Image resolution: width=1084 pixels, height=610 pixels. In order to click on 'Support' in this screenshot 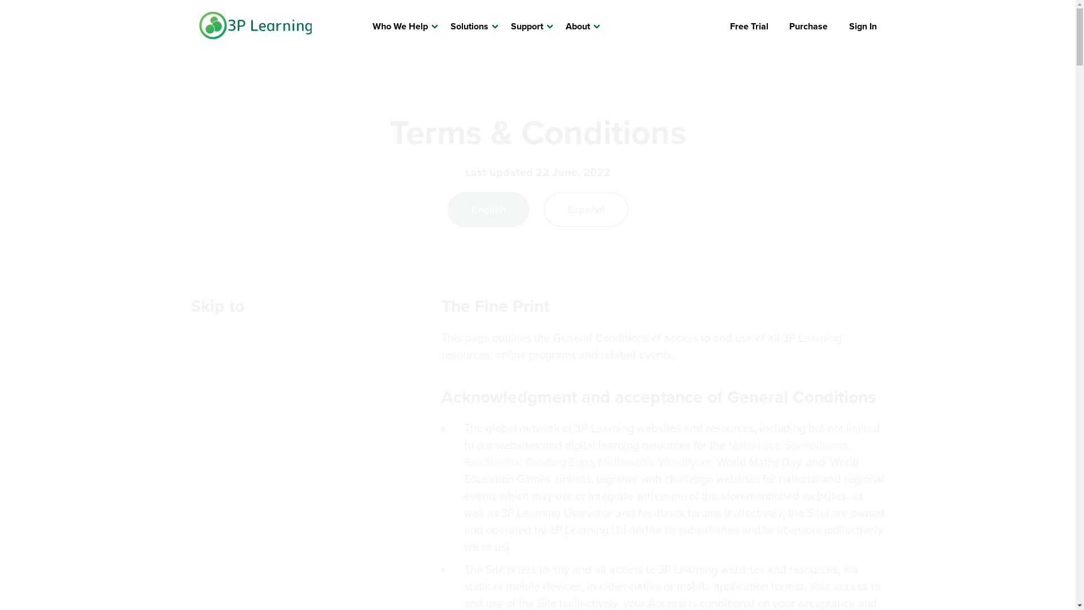, I will do `click(526, 25)`.